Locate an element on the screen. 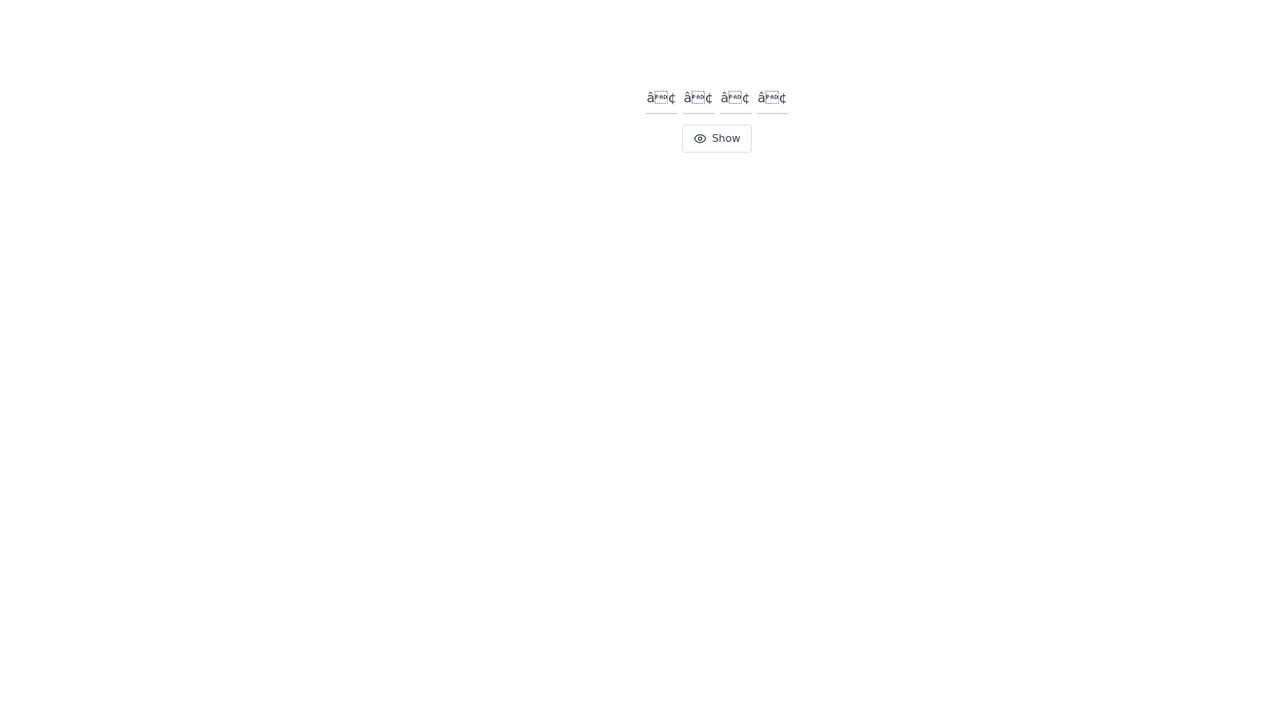  the fourth text input box in a row of four, located above the 'Show' button, to focus on it is located at coordinates (772, 98).